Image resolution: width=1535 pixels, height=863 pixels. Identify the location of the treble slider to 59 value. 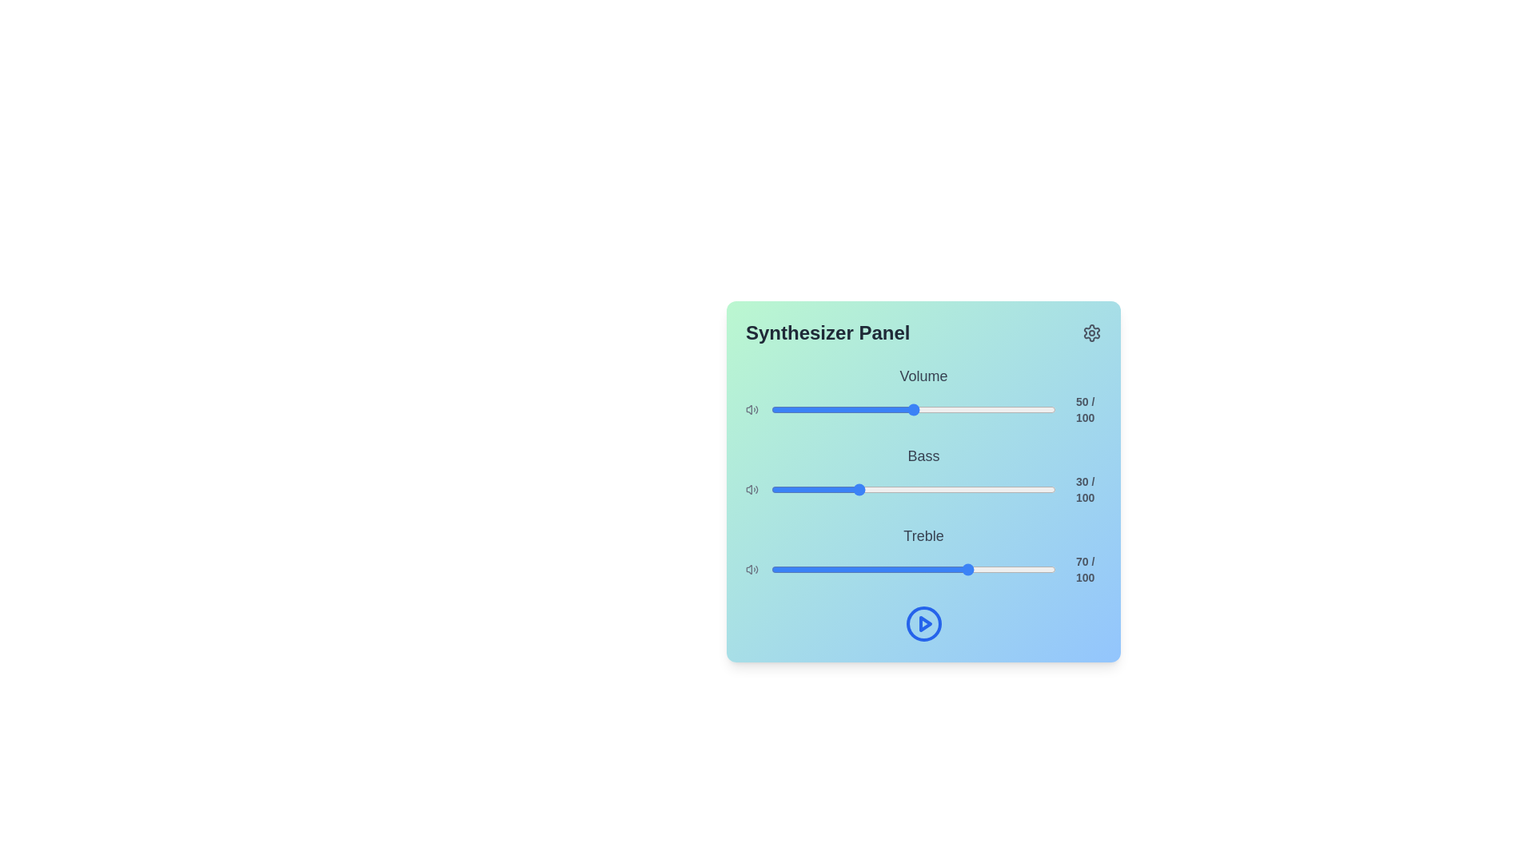
(939, 569).